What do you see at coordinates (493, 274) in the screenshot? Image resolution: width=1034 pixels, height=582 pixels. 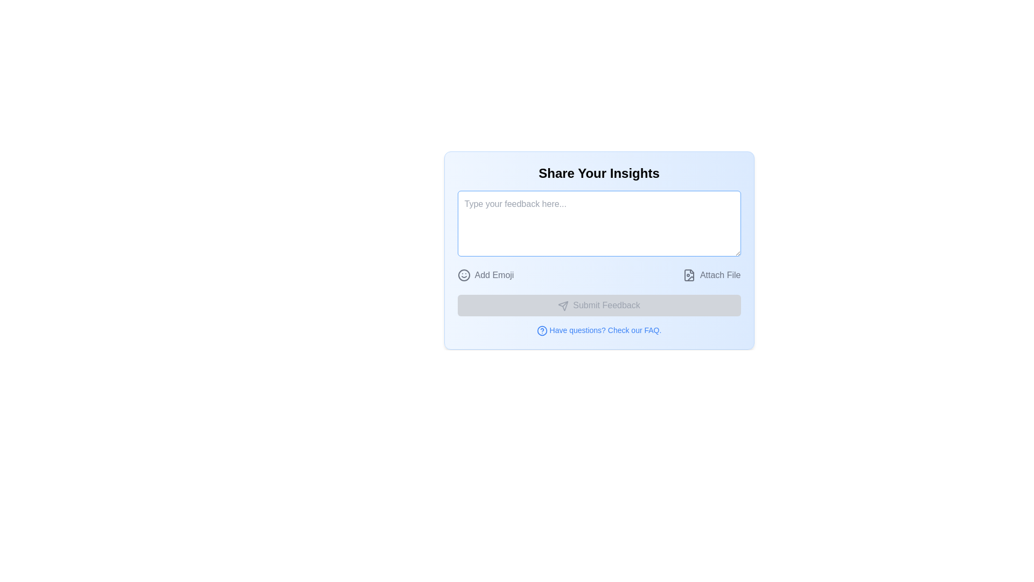 I see `the Text Label that indicates the function of the adjacent emoji icon, located to the right of the emoji icon and to the left of the 'Attach File' option` at bounding box center [493, 274].